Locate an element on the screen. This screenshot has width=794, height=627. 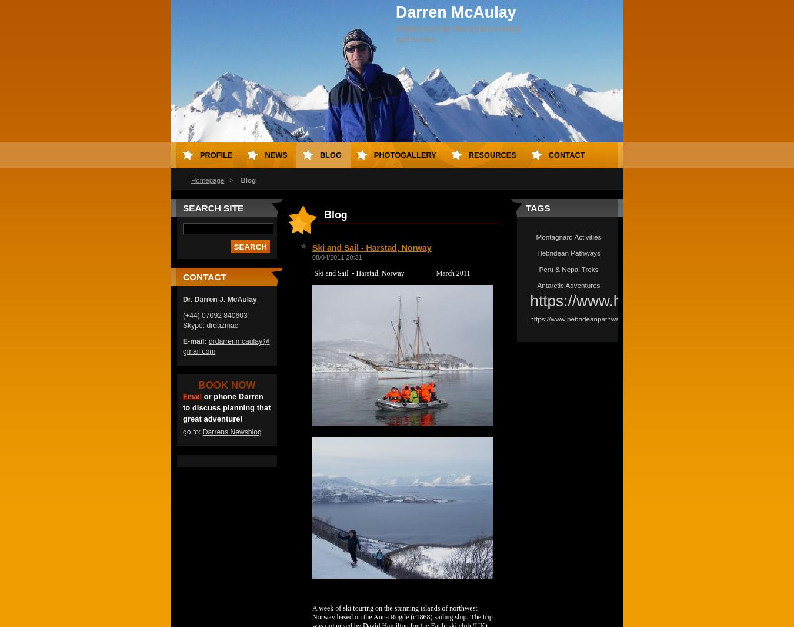
'Resources' is located at coordinates (468, 154).